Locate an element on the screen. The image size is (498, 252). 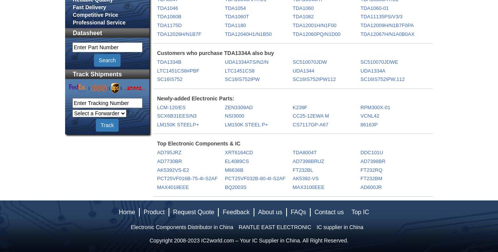
'Top Electronic Components & IC' is located at coordinates (198, 143).